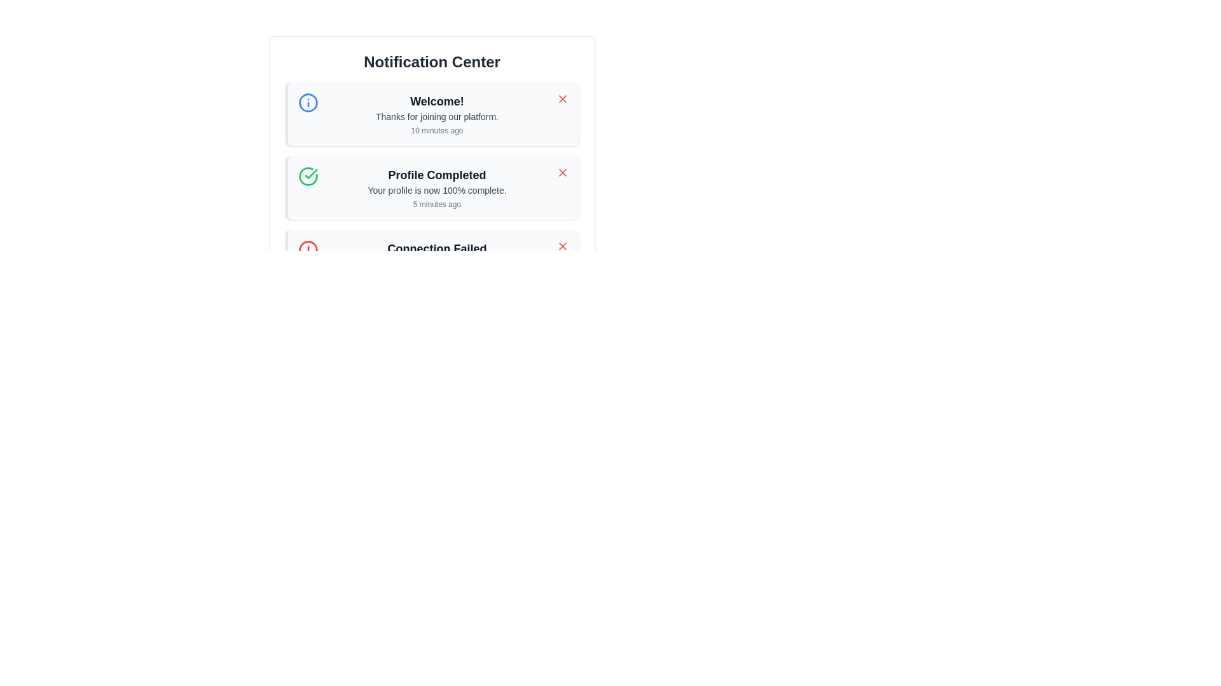  Describe the element at coordinates (437, 191) in the screenshot. I see `the text label displaying 'Your profile is now 100% complete.' which is styled in gray font and located within the notification card` at that location.